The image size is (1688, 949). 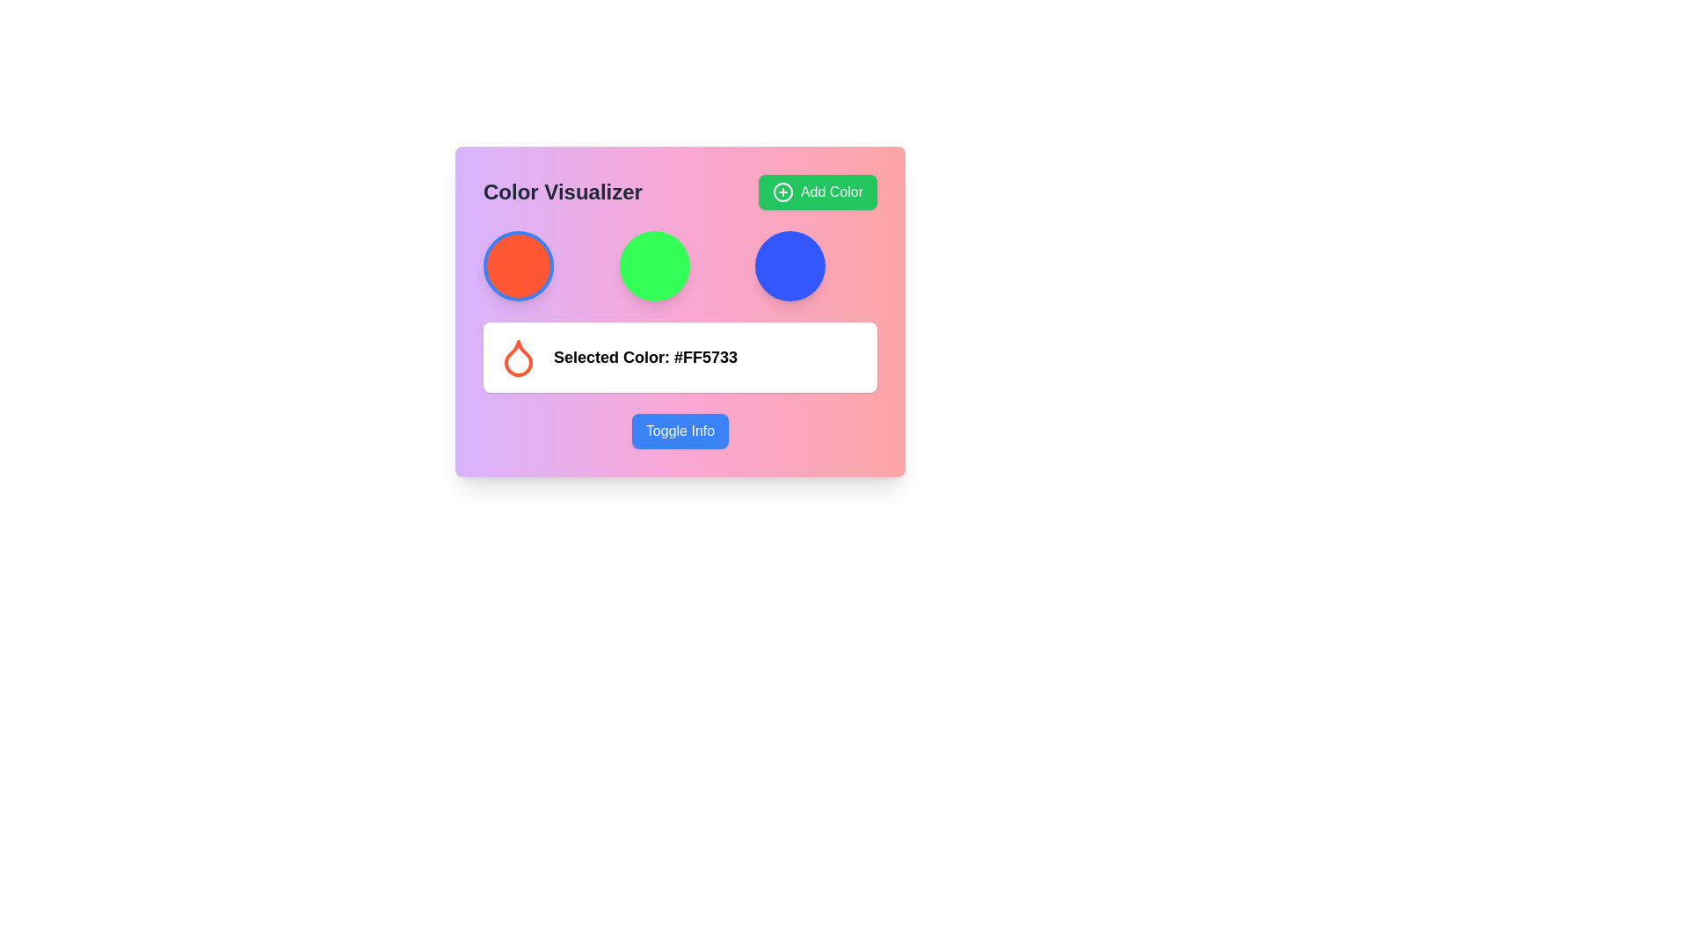 What do you see at coordinates (653, 266) in the screenshot?
I see `the selectable color option button located in the center of the horizontal row of three rounded elements` at bounding box center [653, 266].